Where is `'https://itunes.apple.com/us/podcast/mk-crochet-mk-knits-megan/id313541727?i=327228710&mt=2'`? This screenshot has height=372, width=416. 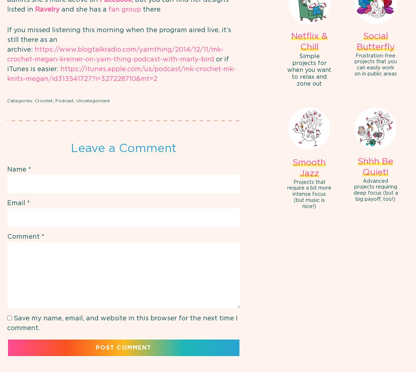 'https://itunes.apple.com/us/podcast/mk-crochet-mk-knits-megan/id313541727?i=327228710&mt=2' is located at coordinates (122, 74).